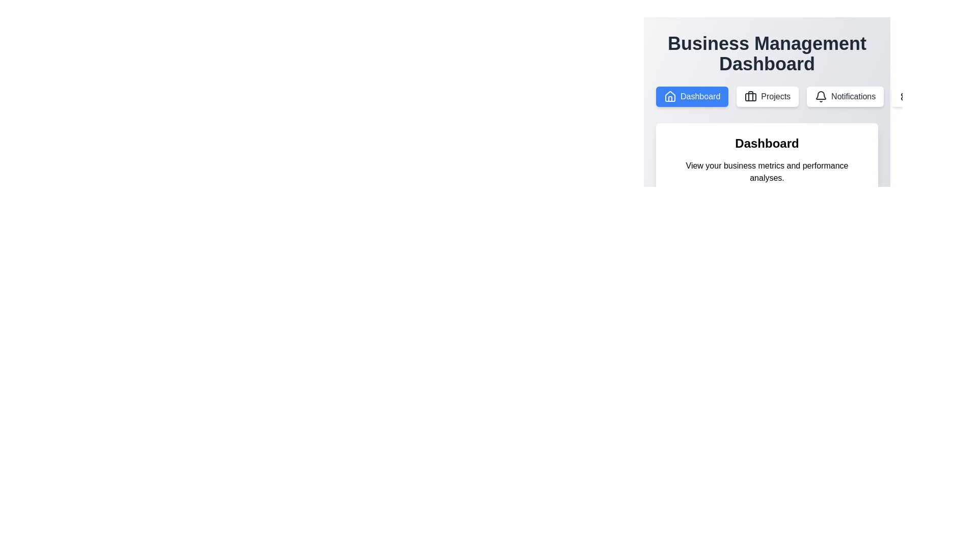 The width and height of the screenshot is (978, 550). I want to click on the rightmost button in the horizontal navigation bar, so click(923, 96).